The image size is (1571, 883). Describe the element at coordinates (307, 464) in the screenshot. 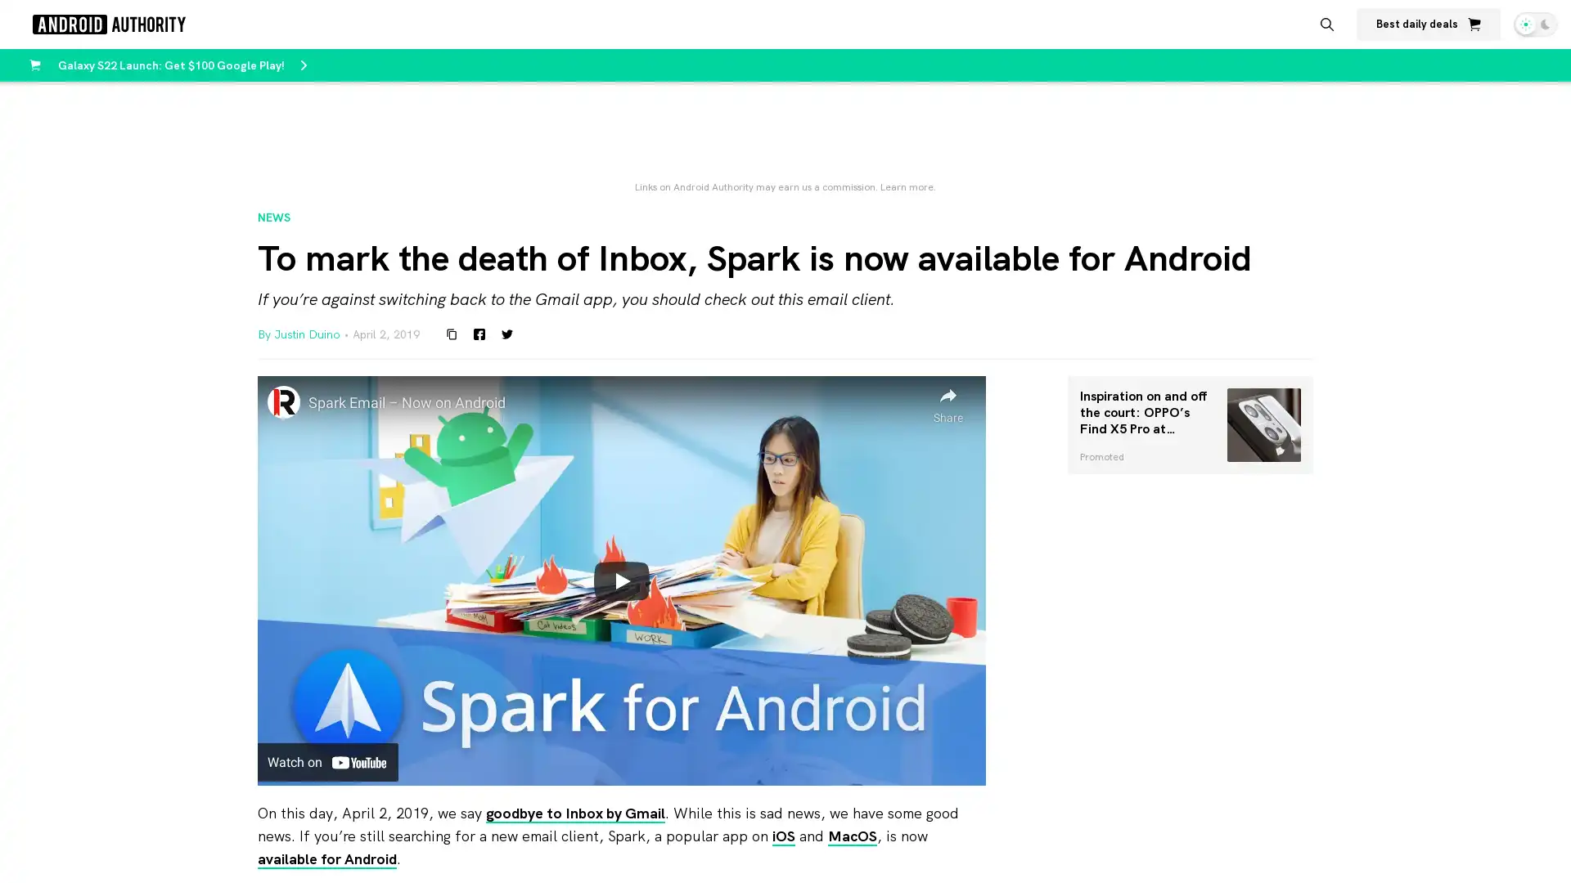

I see `Justin Duino` at that location.